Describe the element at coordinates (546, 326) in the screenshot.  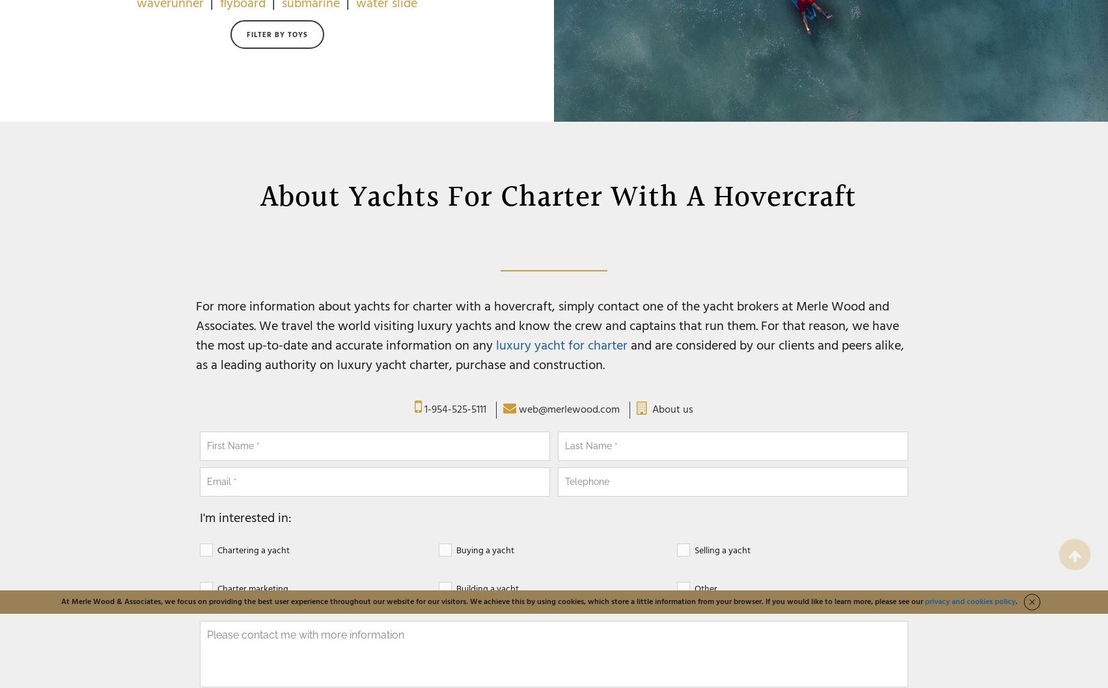
I see `'For more information about yachts for charter with a hovercraft, simply contact one of the yacht brokers at Merle Wood and Associates. We travel the world visiting luxury yachts and know the crew and captains that run them. For that reason, we have the most up-to-date and accurate information on any'` at that location.